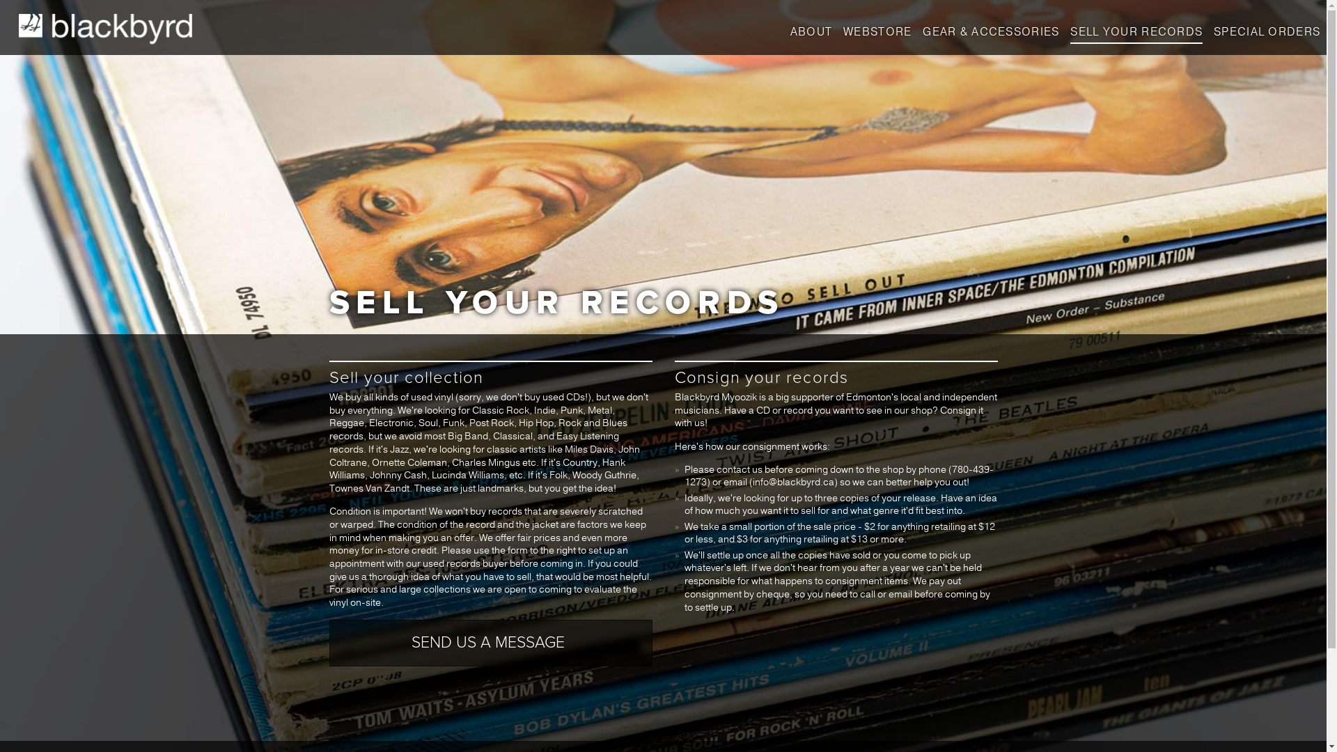 The width and height of the screenshot is (1337, 752). I want to click on 'SPECIAL ORDERS', so click(1267, 31).